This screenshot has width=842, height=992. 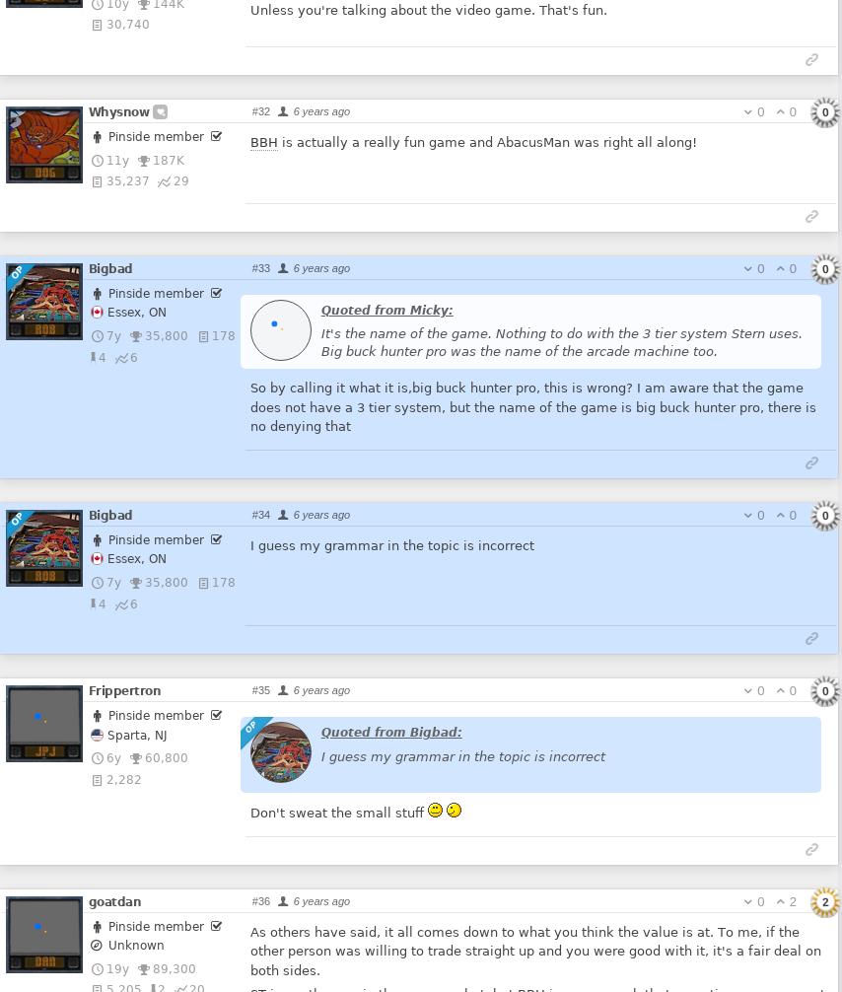 What do you see at coordinates (180, 180) in the screenshot?
I see `'29'` at bounding box center [180, 180].